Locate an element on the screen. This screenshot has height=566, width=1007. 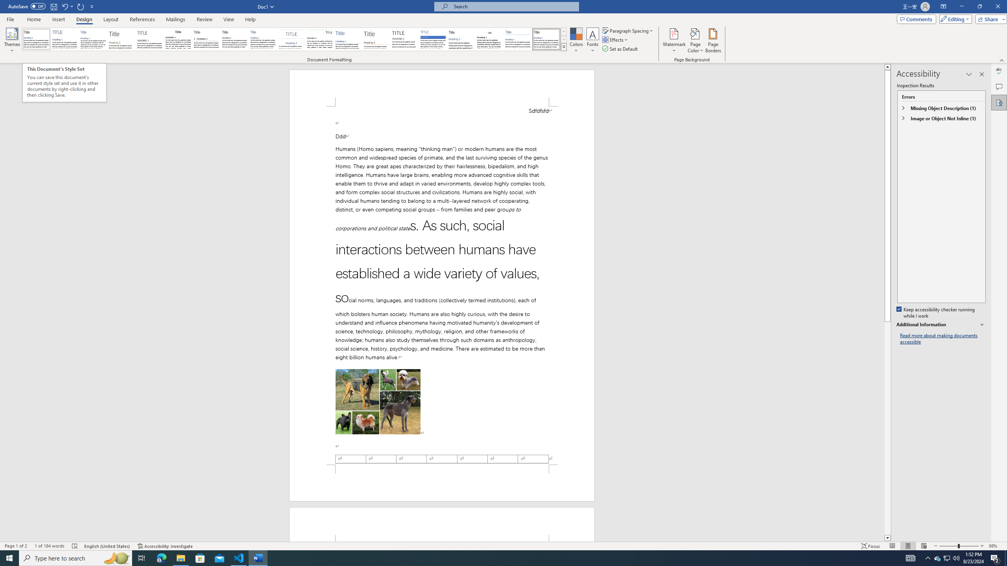
'Keep accessibility checker running while I work' is located at coordinates (936, 313).